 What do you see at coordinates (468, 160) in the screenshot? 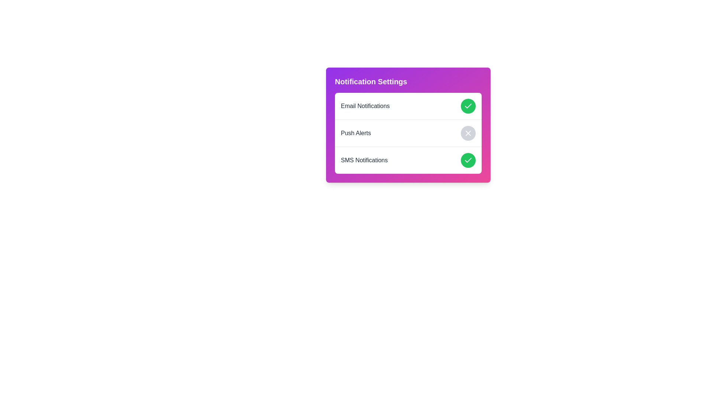
I see `the circular green button with a white checkmark icon located to the right of the 'SMS Notifications' label in the Notification Settings panel` at bounding box center [468, 160].